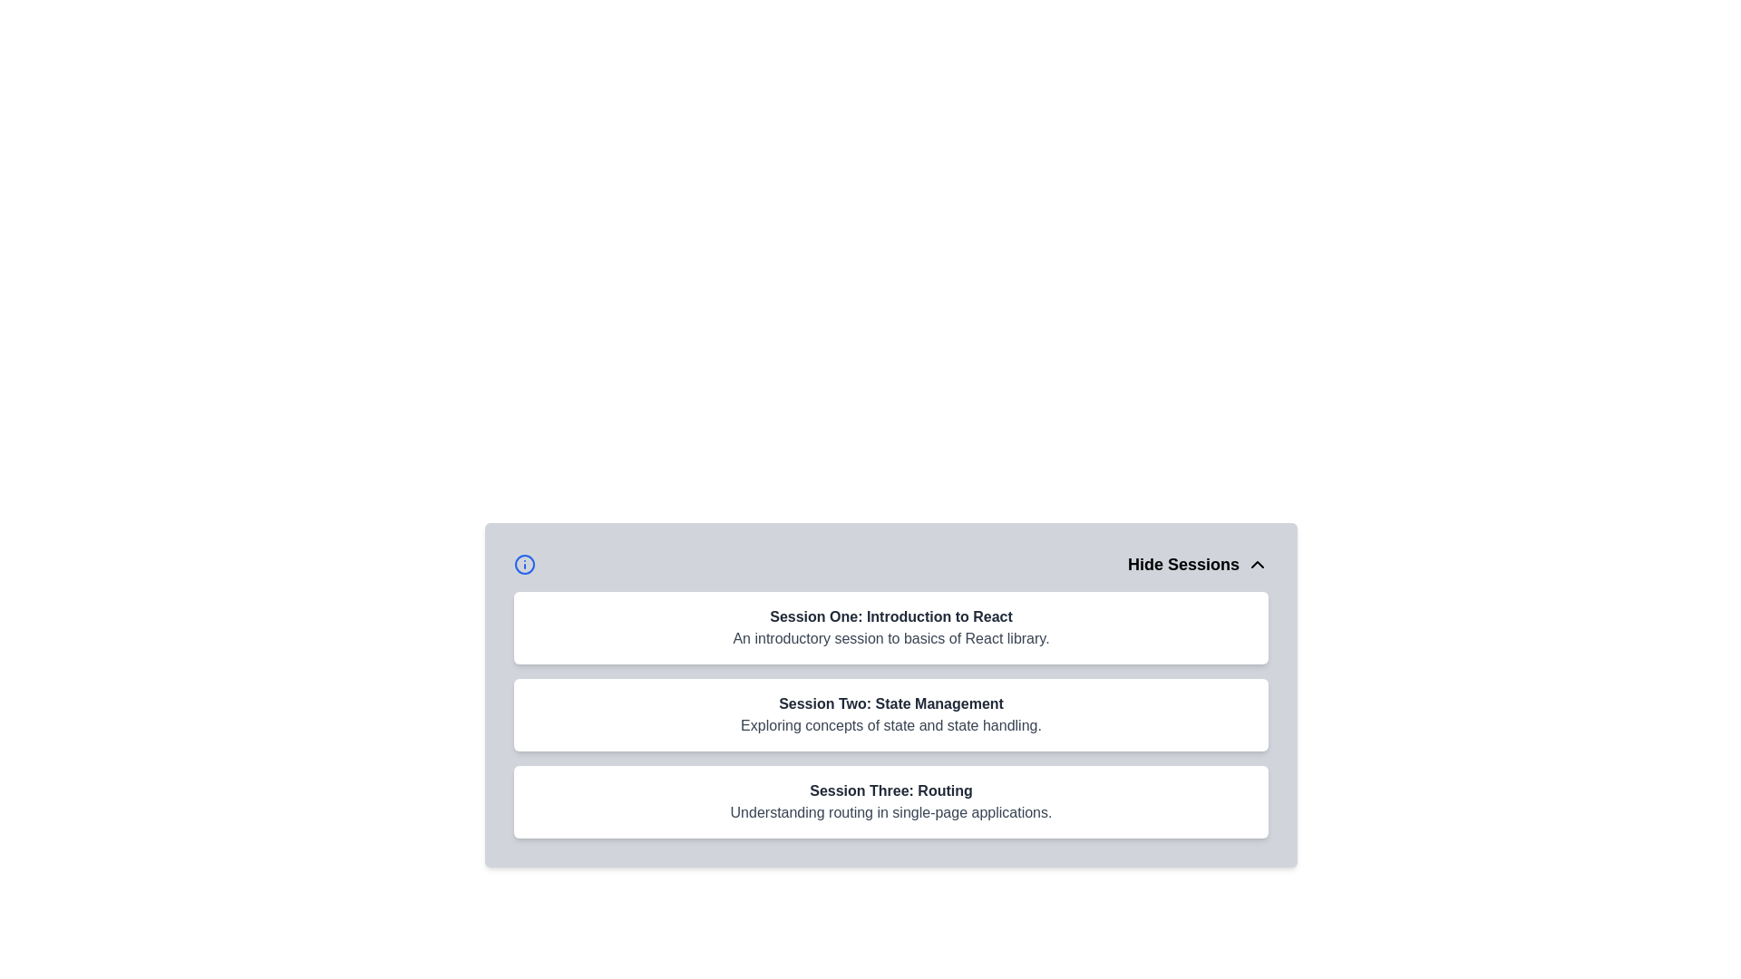 This screenshot has width=1741, height=979. Describe the element at coordinates (524, 564) in the screenshot. I see `the icon located in the top bar of the 'Hide Sessions' panel` at that location.